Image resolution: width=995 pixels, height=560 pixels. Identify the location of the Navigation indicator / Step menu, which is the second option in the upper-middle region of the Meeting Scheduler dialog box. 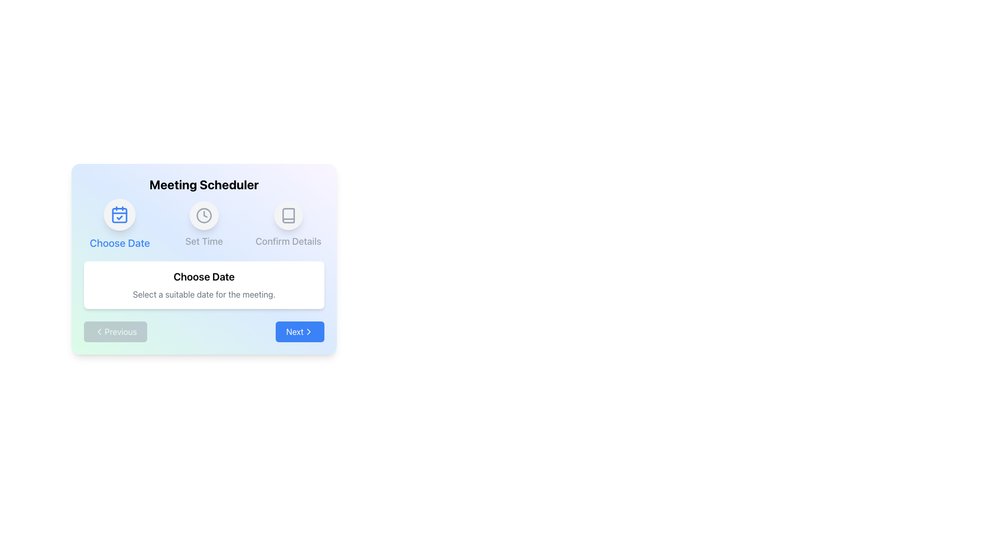
(204, 225).